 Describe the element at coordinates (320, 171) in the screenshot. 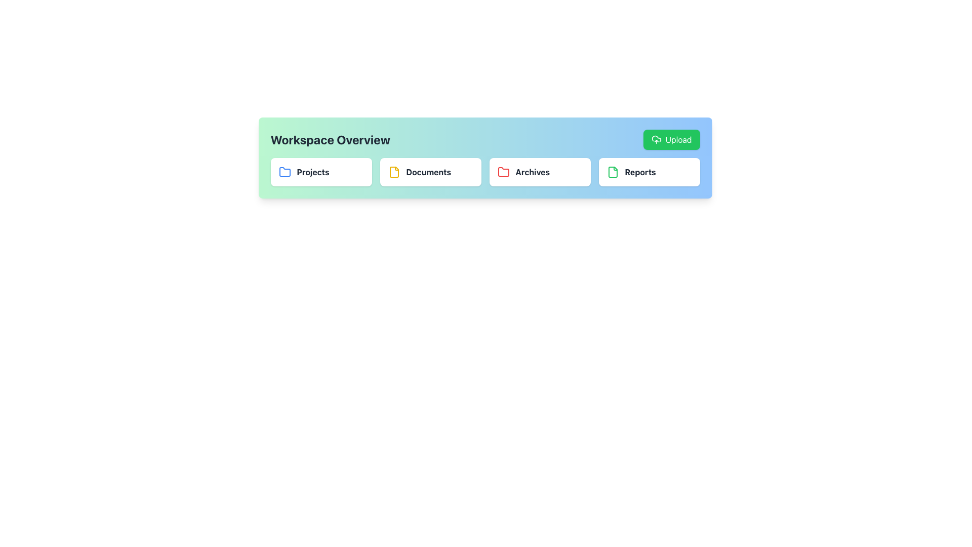

I see `the 'Projects' category box which features a blue folder icon and bold text, positioned as the first item in the grid layout` at that location.